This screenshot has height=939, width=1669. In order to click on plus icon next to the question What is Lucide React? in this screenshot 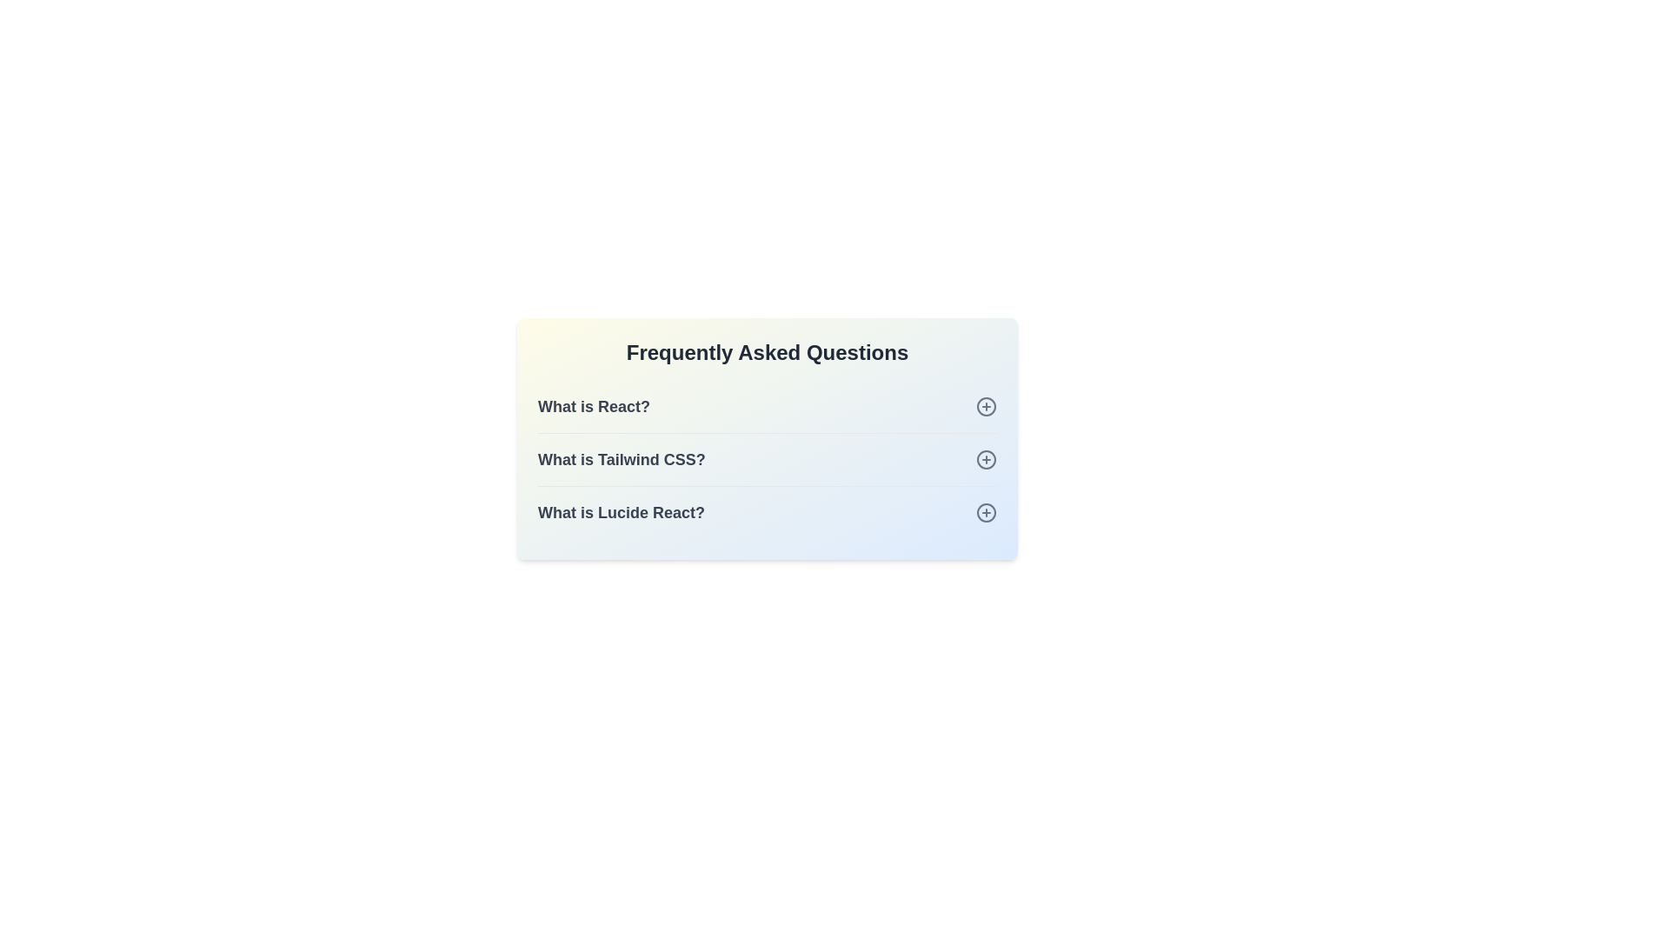, I will do `click(986, 512)`.